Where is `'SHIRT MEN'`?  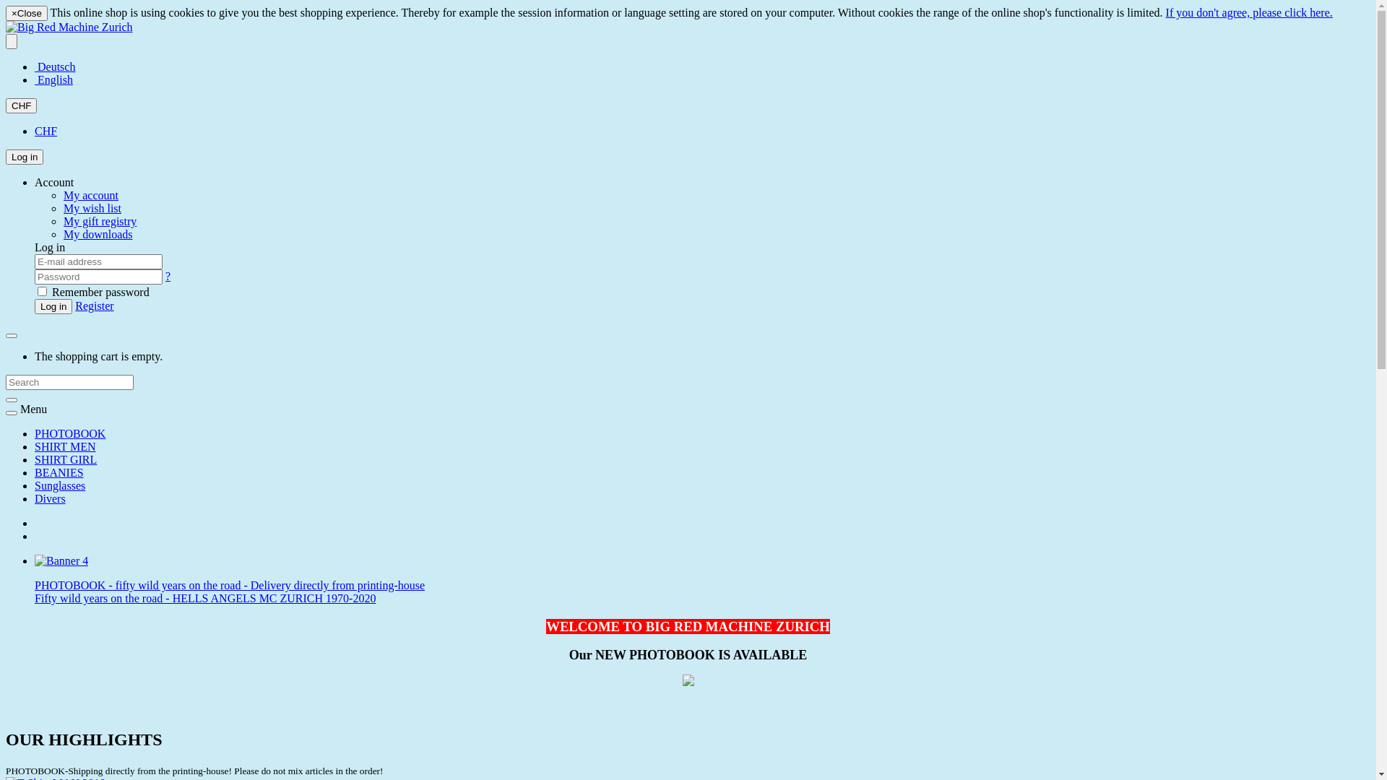 'SHIRT MEN' is located at coordinates (64, 446).